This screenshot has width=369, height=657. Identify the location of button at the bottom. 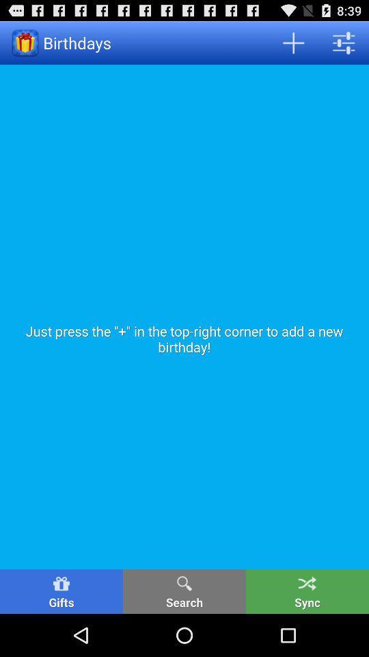
(184, 591).